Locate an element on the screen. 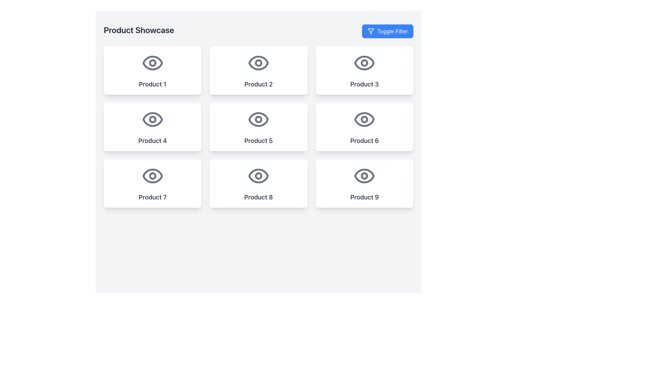 This screenshot has width=662, height=372. the interactive card labeled 'Product 7' located in the left column of the bottom row is located at coordinates (152, 183).